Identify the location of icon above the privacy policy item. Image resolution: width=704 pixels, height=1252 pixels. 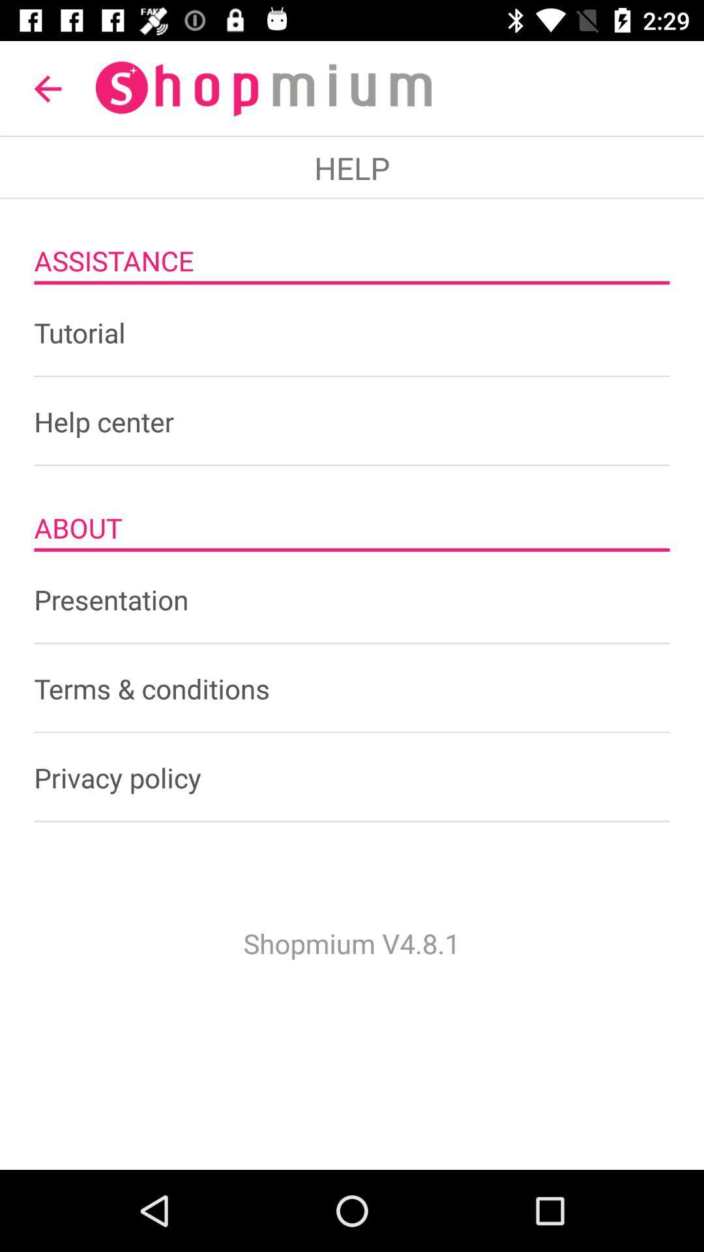
(352, 688).